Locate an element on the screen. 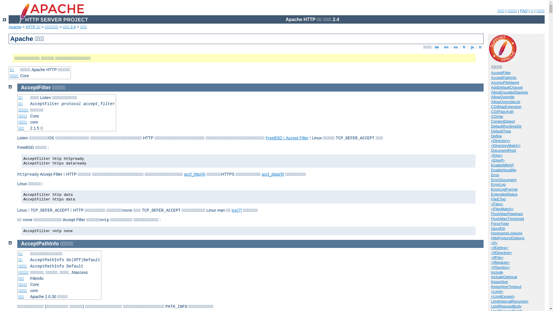 This screenshot has width=553, height=311. 'AllowOverride' is located at coordinates (490, 96).